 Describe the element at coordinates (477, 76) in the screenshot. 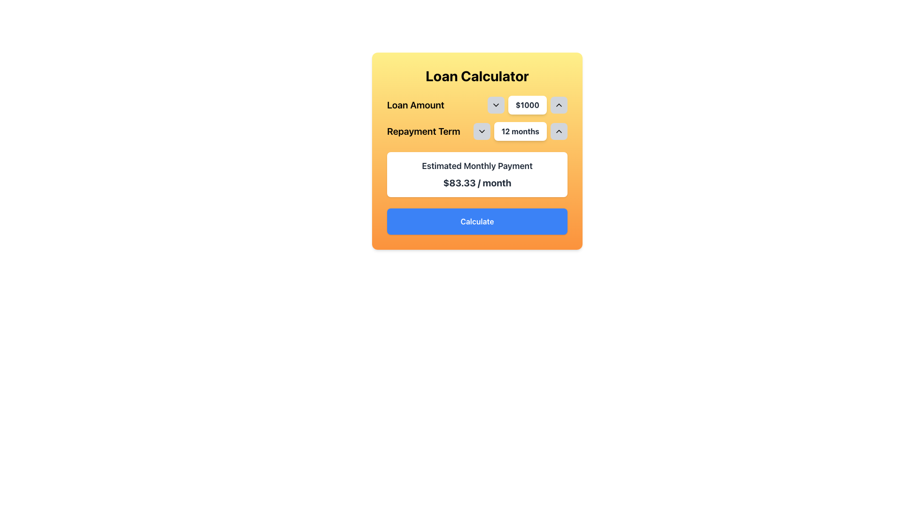

I see `the bold, centered title text 'Loan Calculator' which is positioned at the top of the card-like UI design` at that location.